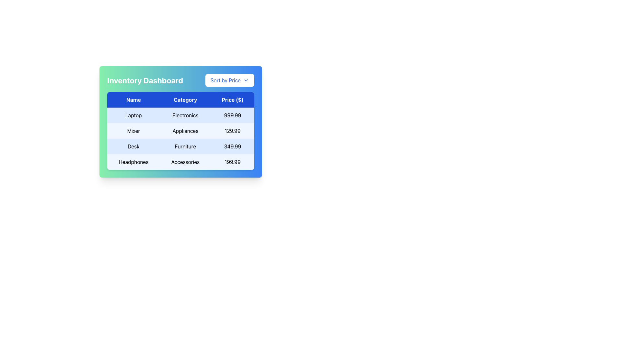 This screenshot has width=622, height=350. I want to click on the static Text Display element that shows the price information for the product listed in the first row under the 'Price ($)' header, so click(233, 115).